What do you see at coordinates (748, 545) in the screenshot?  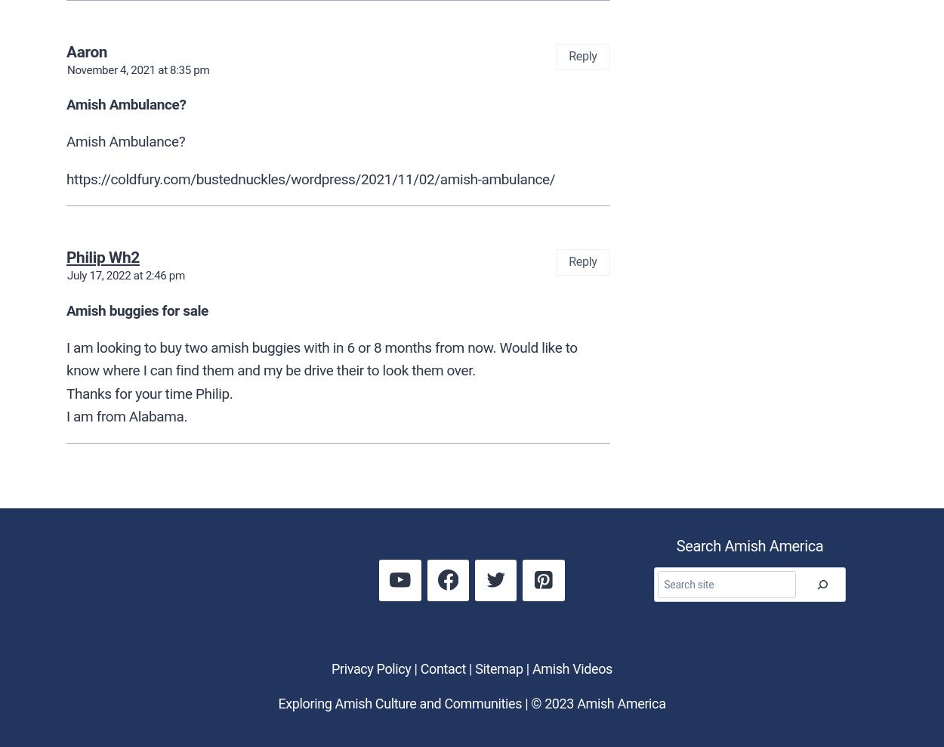 I see `'Search Amish America'` at bounding box center [748, 545].